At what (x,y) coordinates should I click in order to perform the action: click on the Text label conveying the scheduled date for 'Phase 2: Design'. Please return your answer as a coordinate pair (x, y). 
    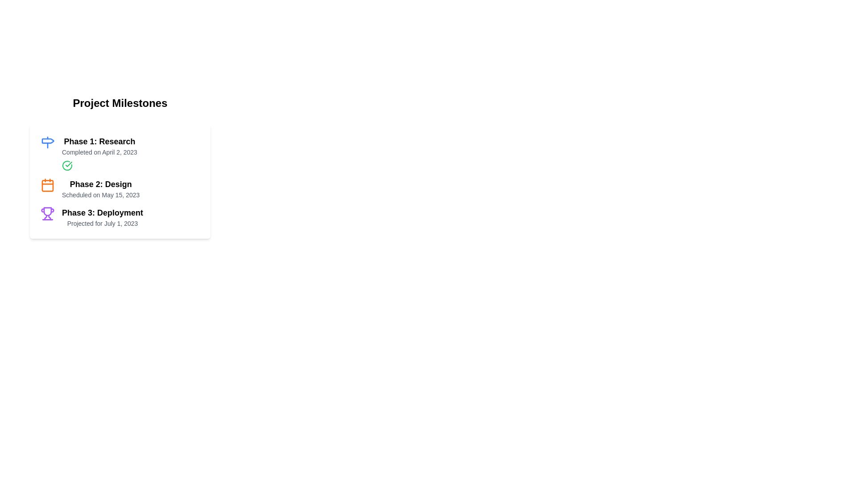
    Looking at the image, I should click on (101, 195).